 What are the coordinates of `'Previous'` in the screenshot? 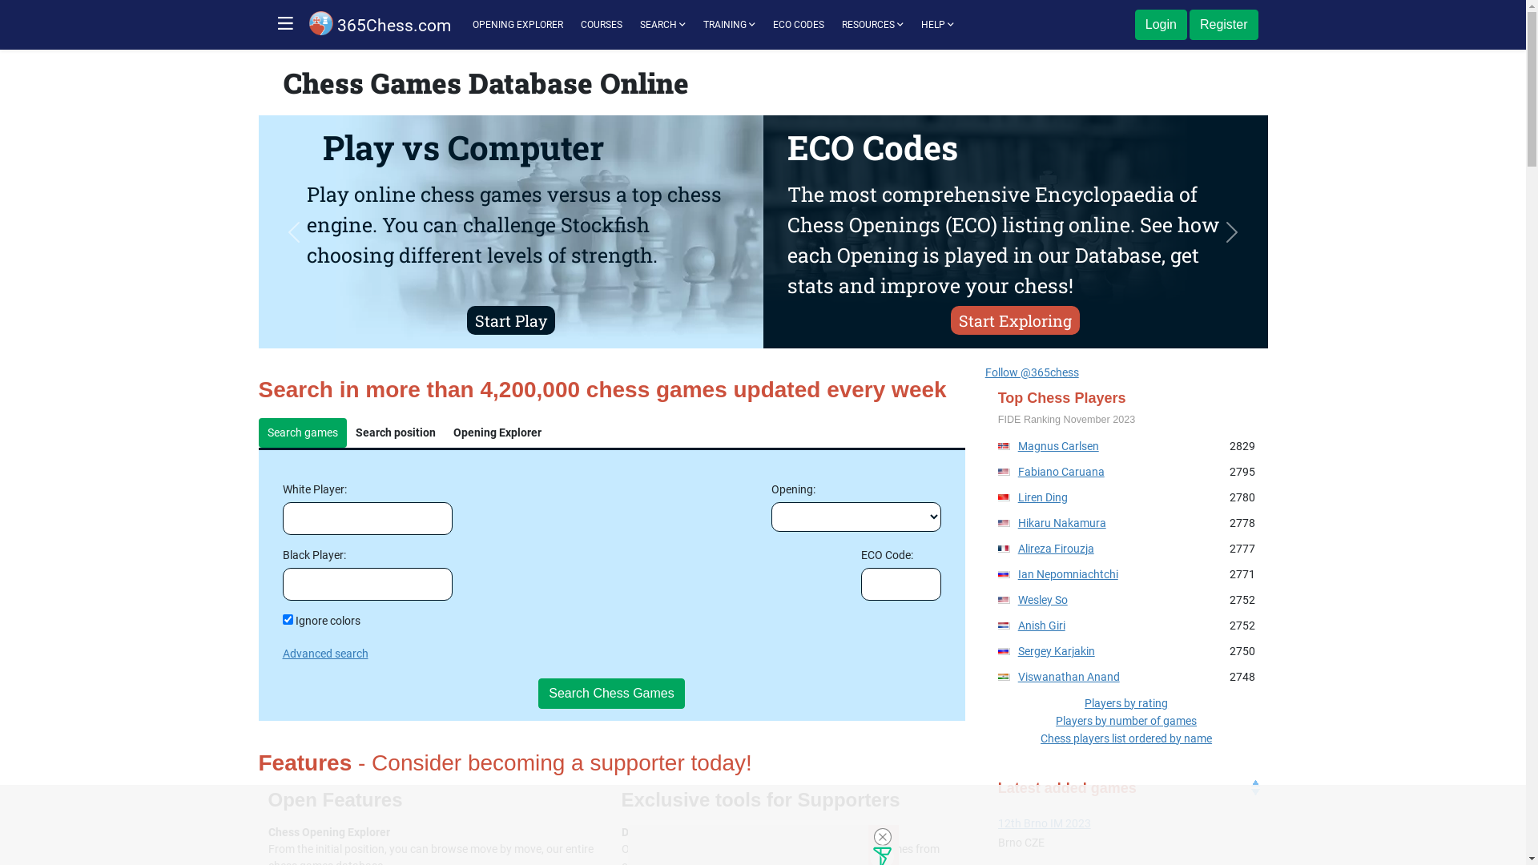 It's located at (292, 231).